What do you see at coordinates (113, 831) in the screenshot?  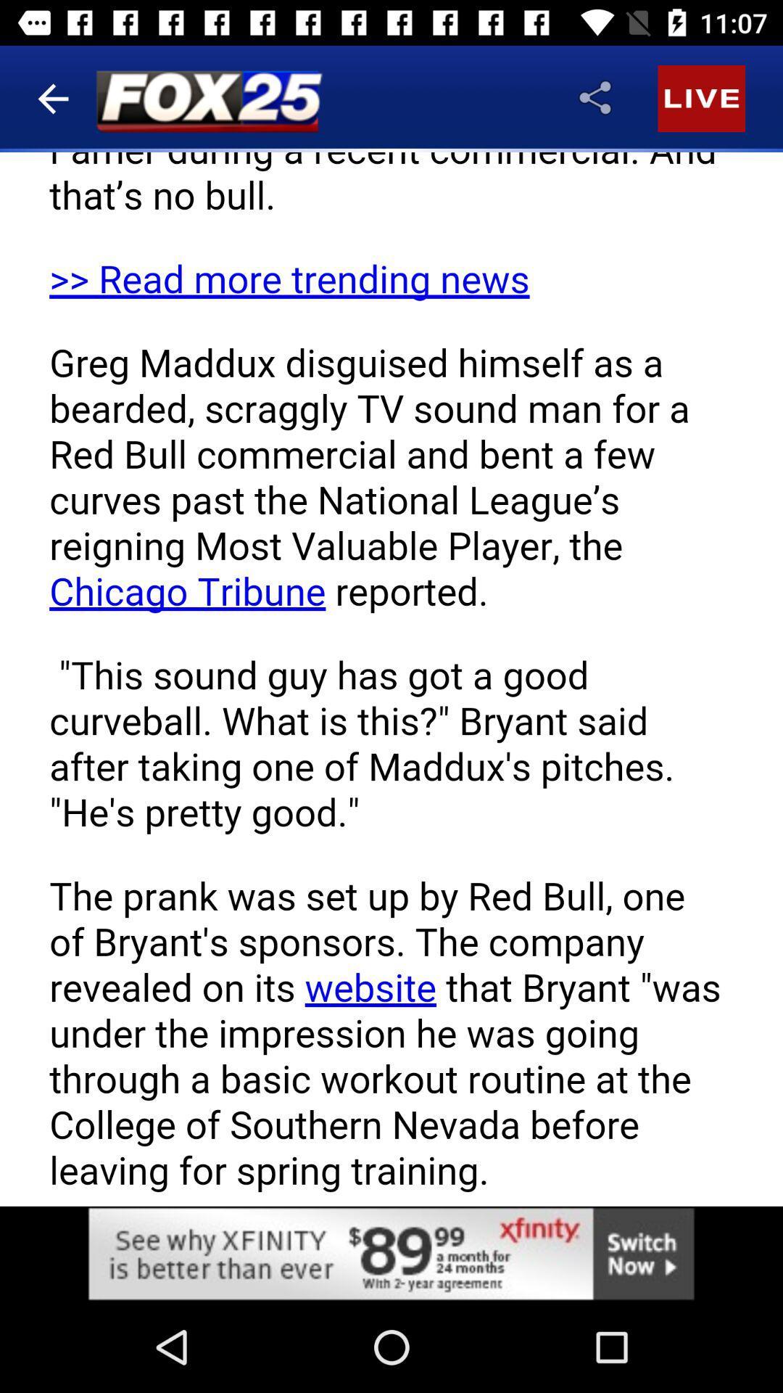 I see `improper tagging` at bounding box center [113, 831].